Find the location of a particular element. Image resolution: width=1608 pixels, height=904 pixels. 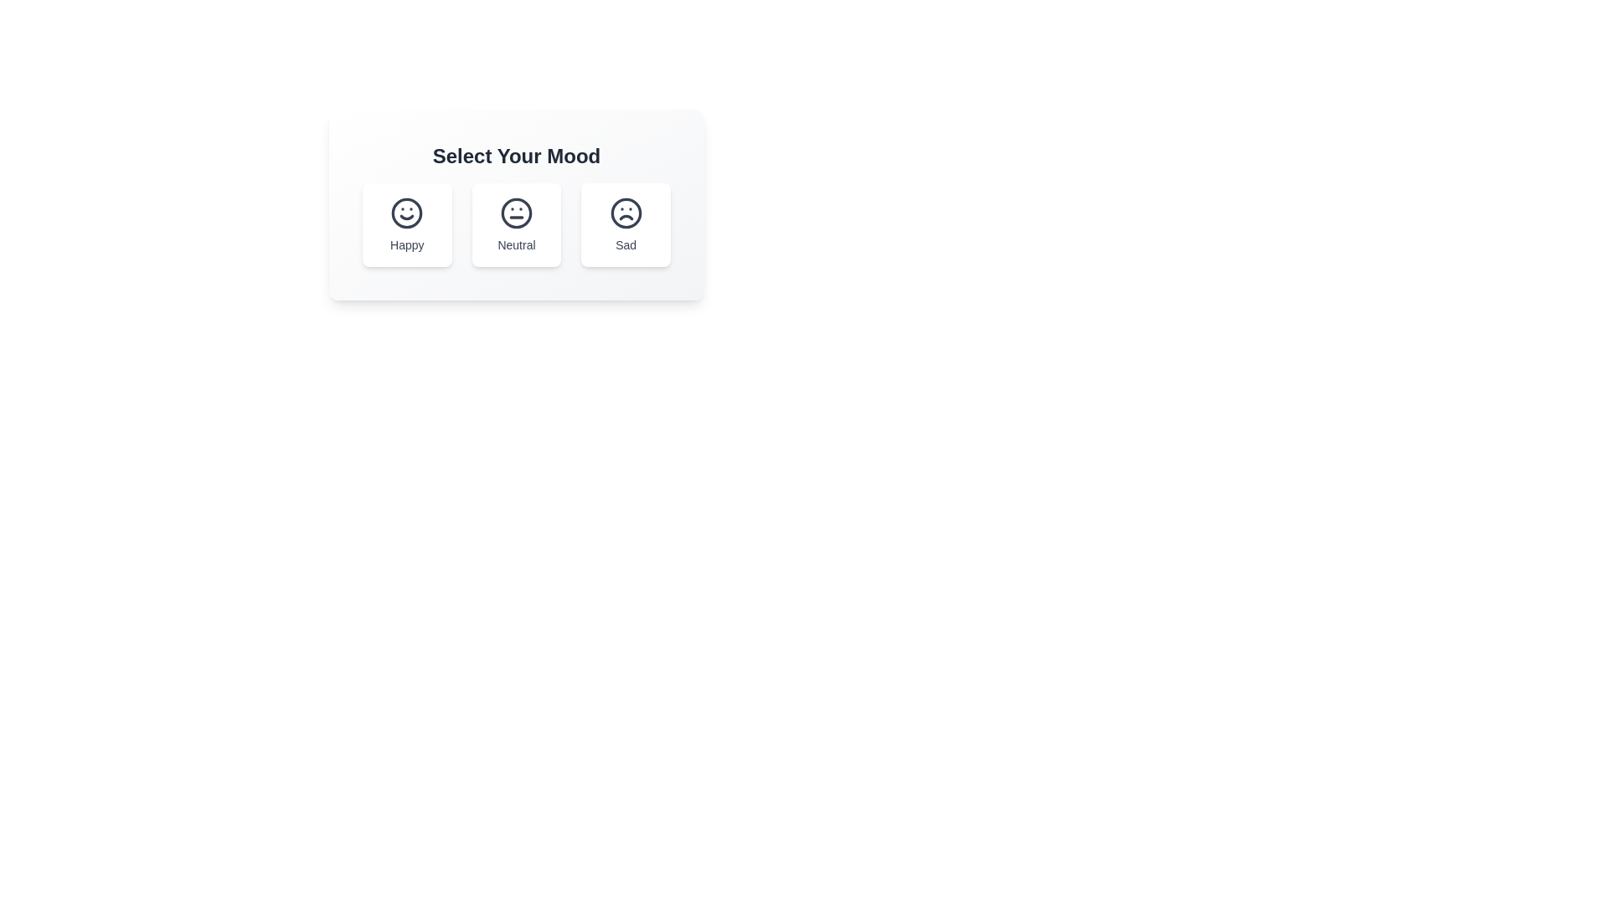

the Sad button to select the corresponding mood is located at coordinates (625, 224).